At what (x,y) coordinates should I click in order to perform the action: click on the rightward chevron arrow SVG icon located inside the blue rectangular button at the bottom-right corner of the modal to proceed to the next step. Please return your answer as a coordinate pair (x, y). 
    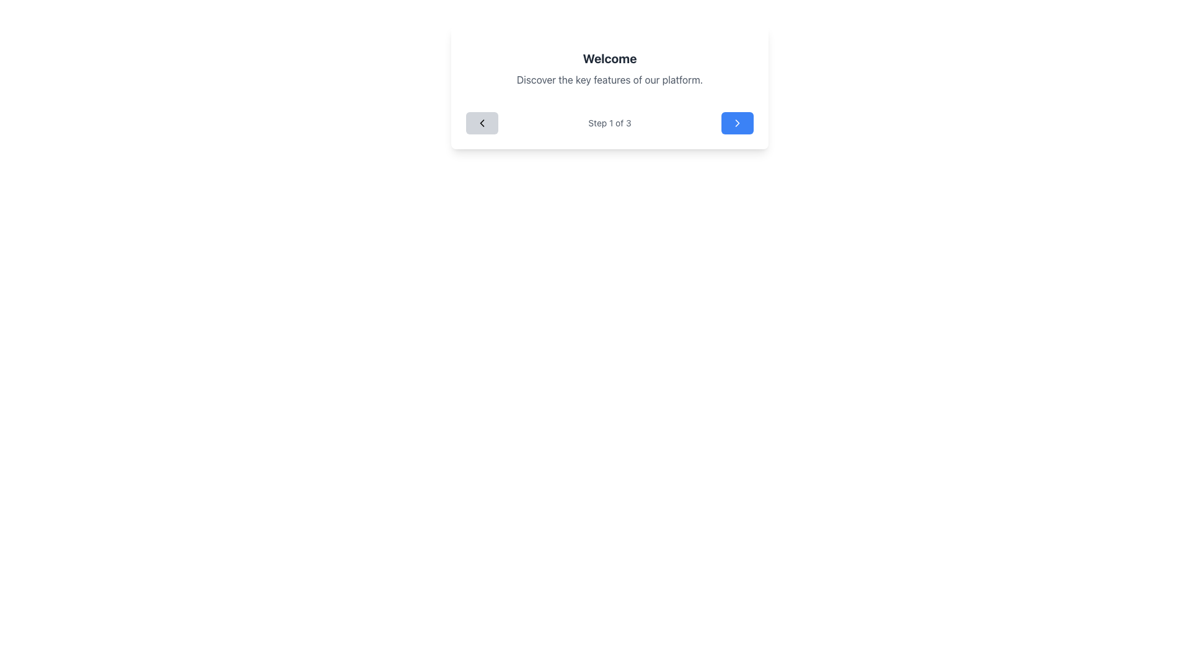
    Looking at the image, I should click on (738, 123).